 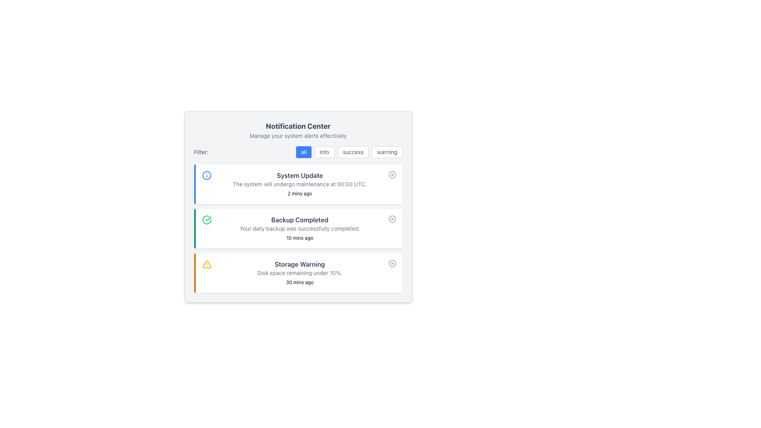 I want to click on the 'info' button to filter notifications to show only informational notifications in the notification management panel, so click(x=324, y=152).